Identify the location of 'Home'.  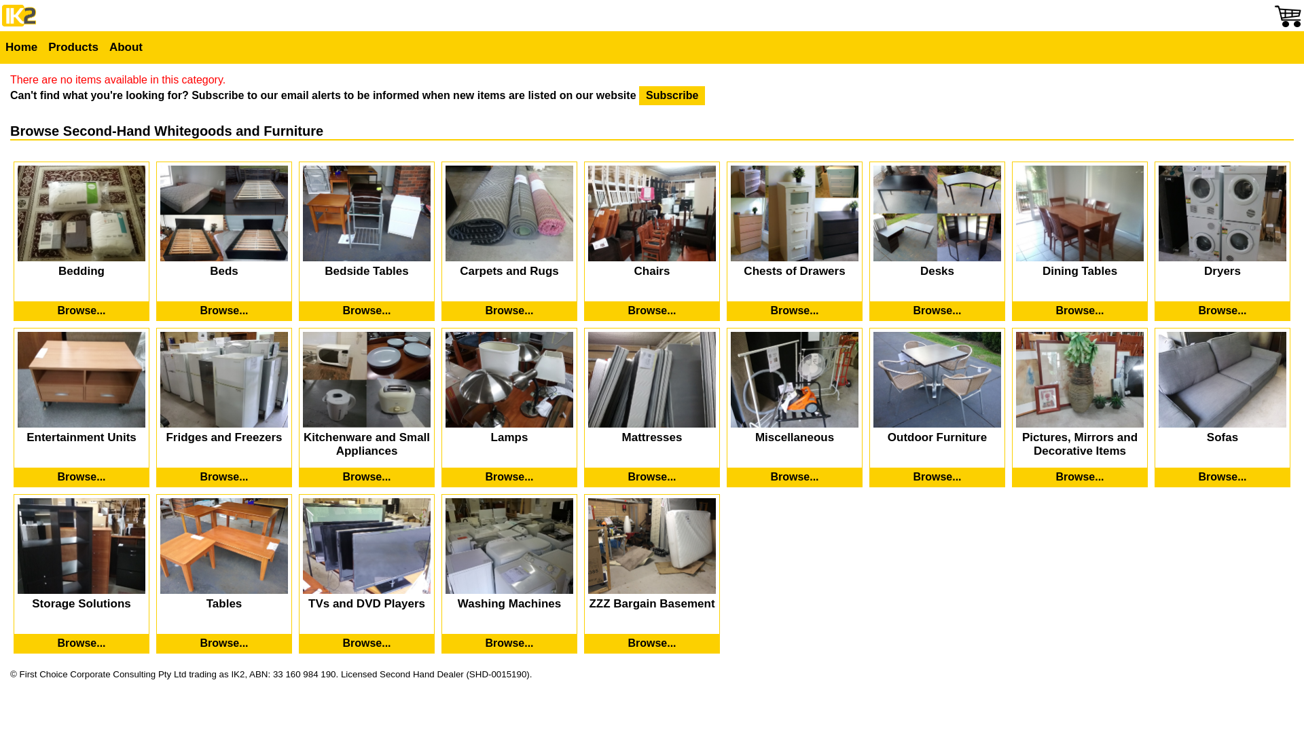
(21, 46).